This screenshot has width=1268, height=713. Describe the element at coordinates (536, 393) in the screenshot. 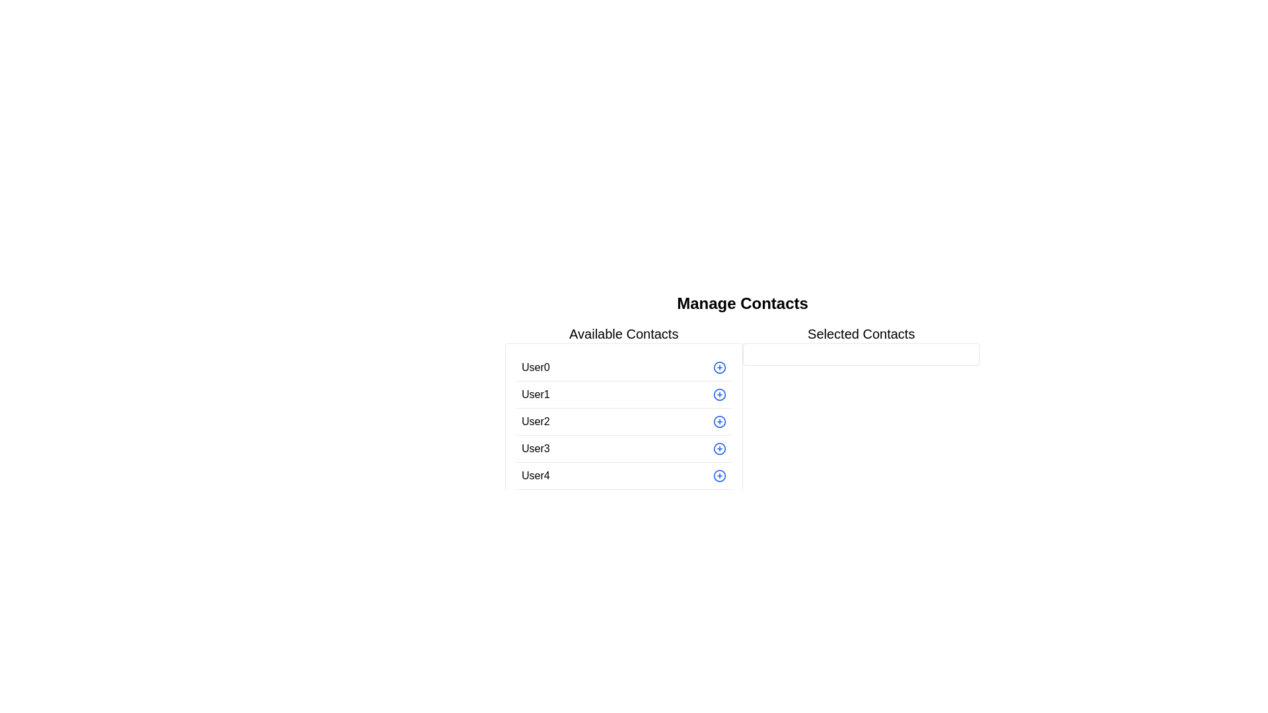

I see `the text element displaying 'User1' which is the second item in the 'Available Contacts' list` at that location.